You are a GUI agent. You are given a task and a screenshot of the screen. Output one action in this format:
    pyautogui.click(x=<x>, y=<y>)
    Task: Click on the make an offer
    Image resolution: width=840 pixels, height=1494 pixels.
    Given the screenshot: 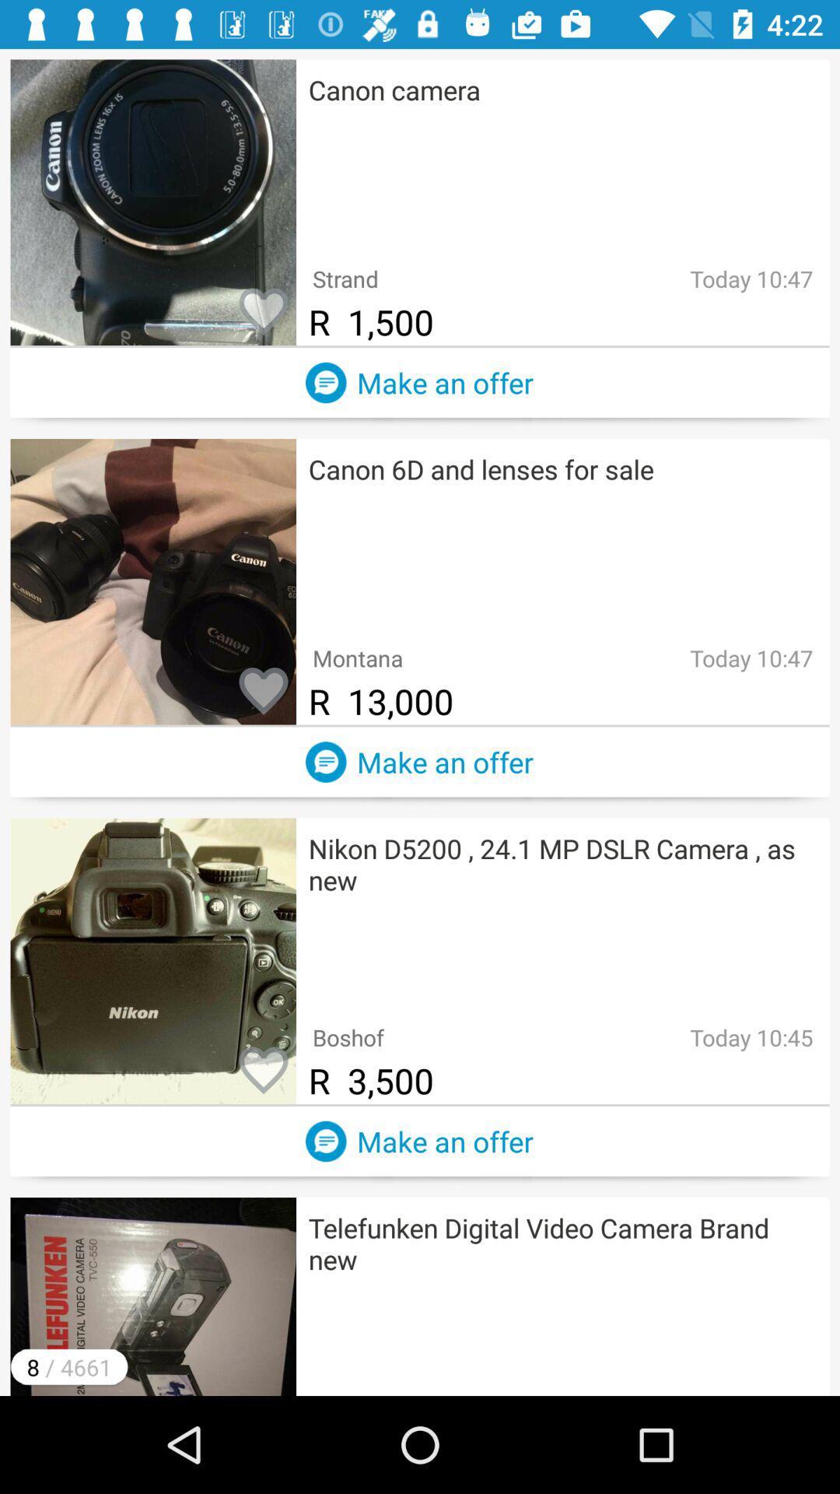 What is the action you would take?
    pyautogui.click(x=325, y=762)
    